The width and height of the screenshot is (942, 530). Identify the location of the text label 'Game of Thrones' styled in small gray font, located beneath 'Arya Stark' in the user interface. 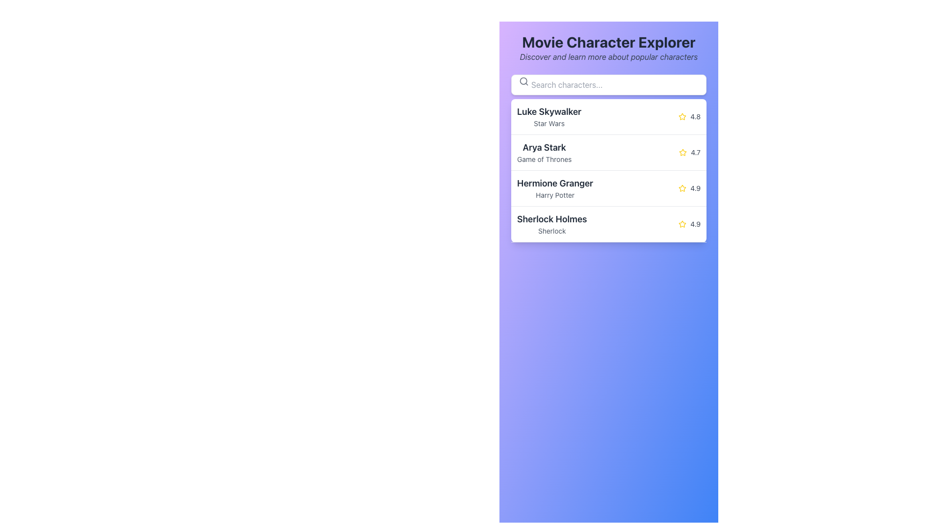
(544, 159).